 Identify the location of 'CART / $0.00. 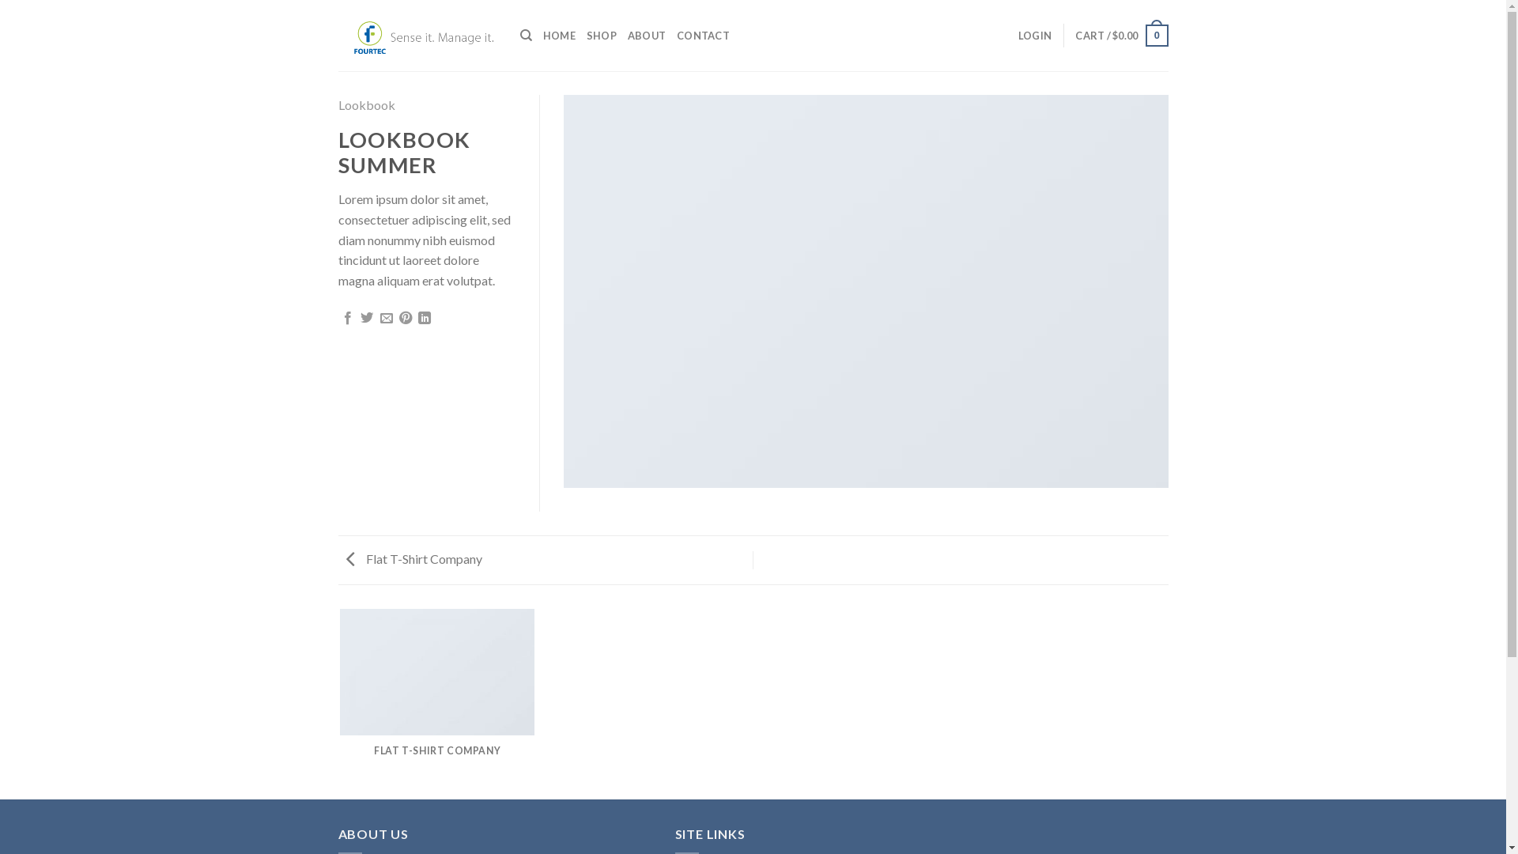
(1074, 36).